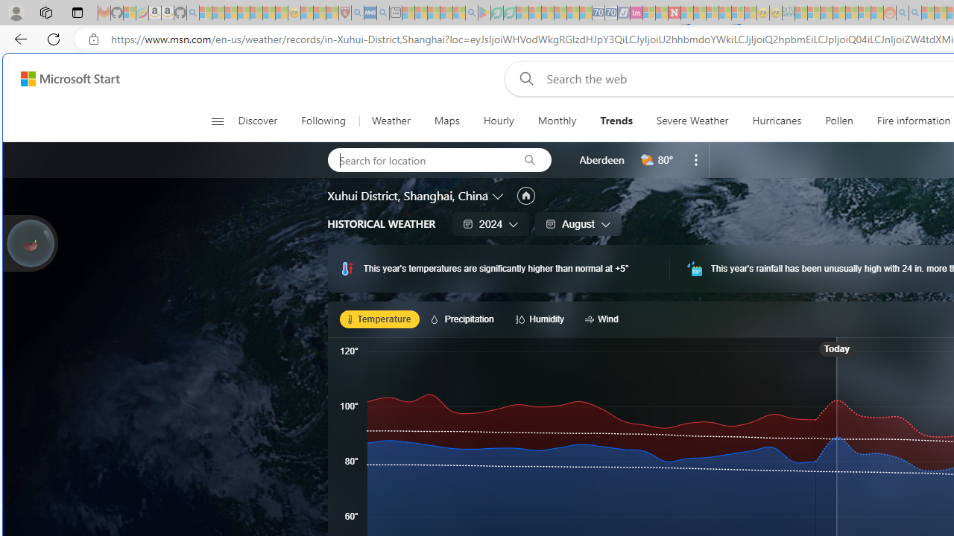 This screenshot has width=954, height=536. What do you see at coordinates (556, 121) in the screenshot?
I see `'Monthly'` at bounding box center [556, 121].